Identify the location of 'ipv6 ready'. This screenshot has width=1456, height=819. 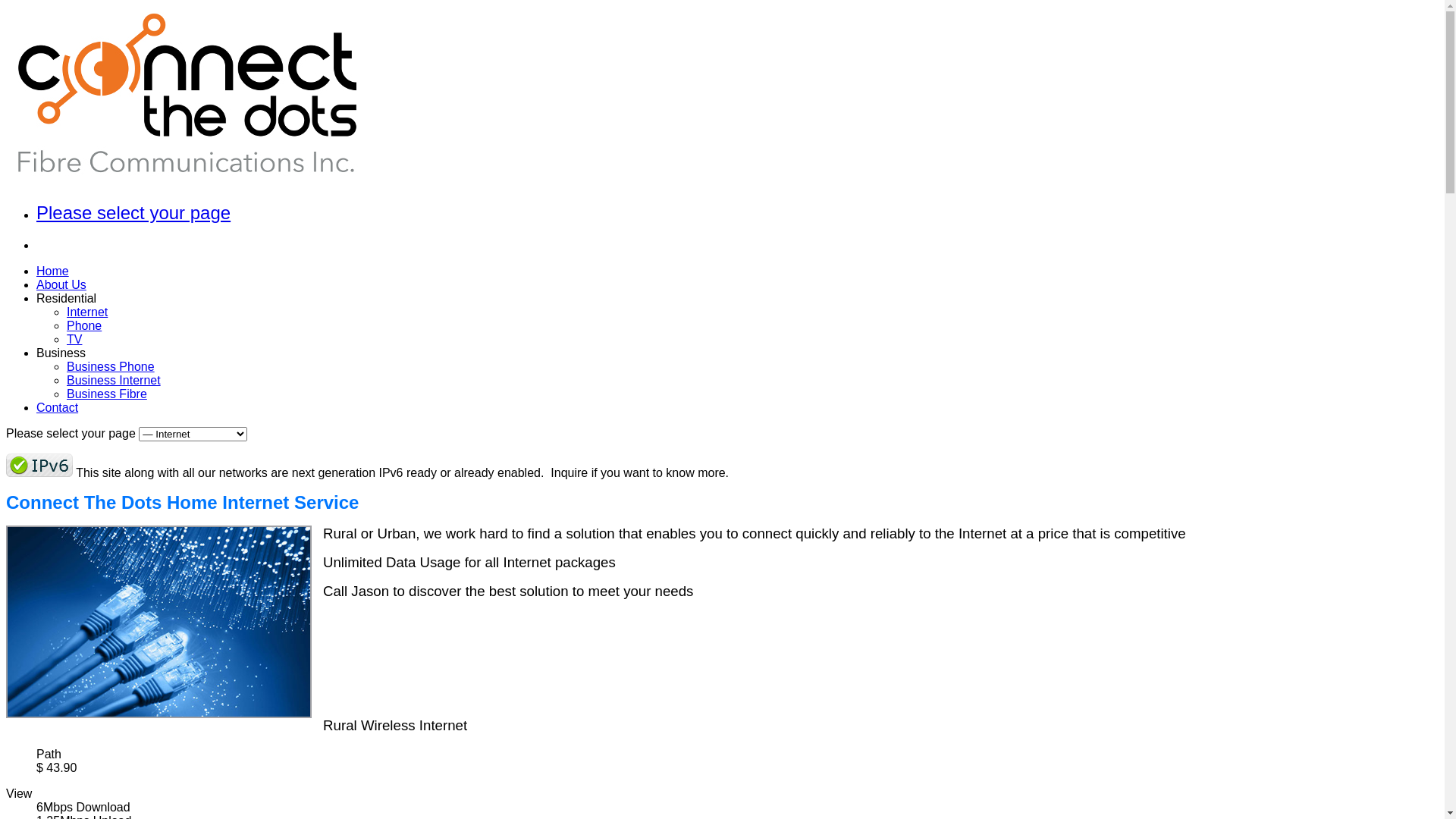
(39, 464).